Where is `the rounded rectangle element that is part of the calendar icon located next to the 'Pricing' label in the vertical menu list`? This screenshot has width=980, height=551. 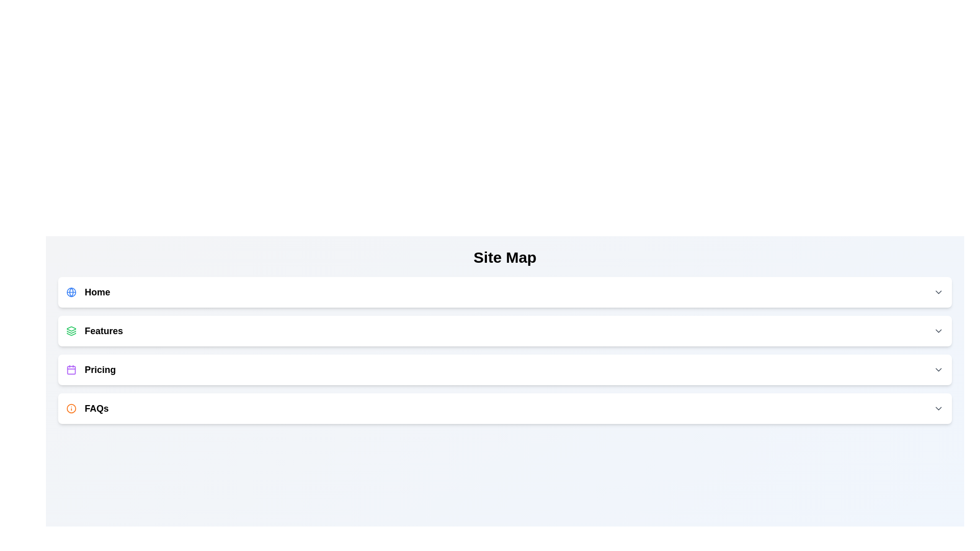 the rounded rectangle element that is part of the calendar icon located next to the 'Pricing' label in the vertical menu list is located at coordinates (70, 370).